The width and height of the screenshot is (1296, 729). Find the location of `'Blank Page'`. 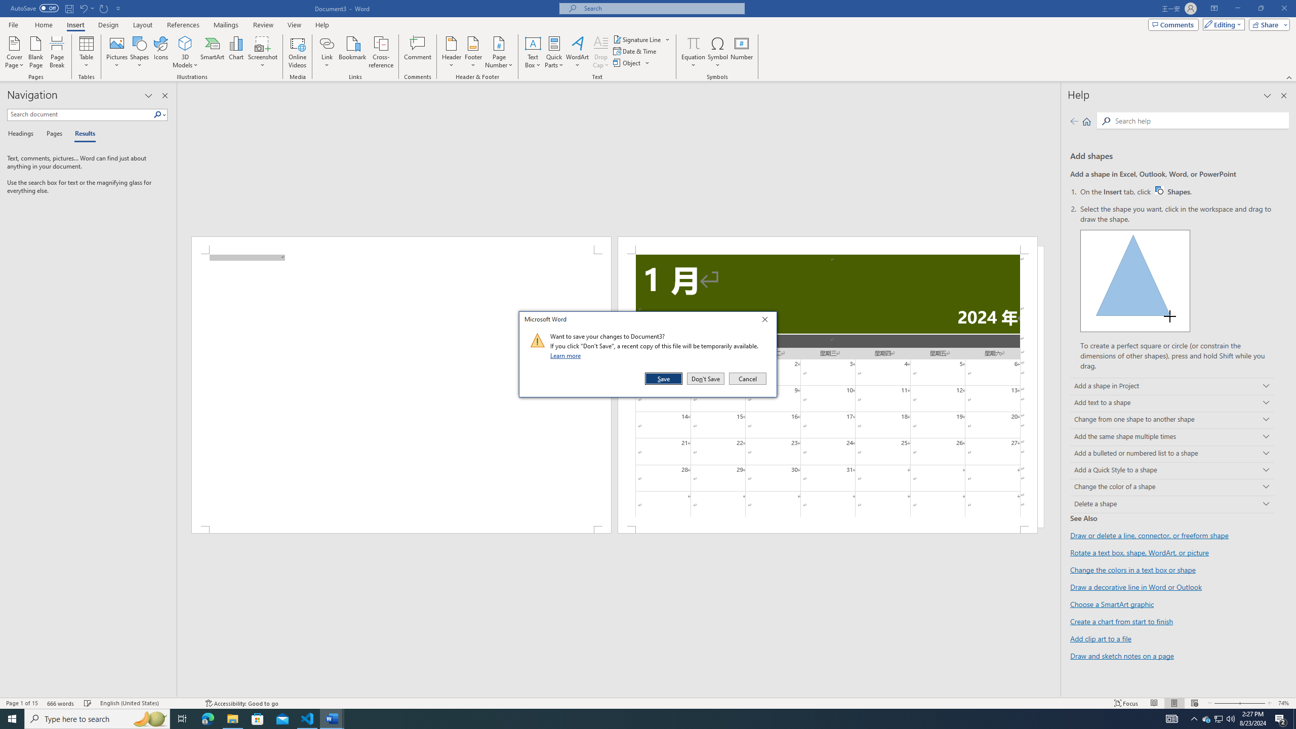

'Blank Page' is located at coordinates (35, 52).